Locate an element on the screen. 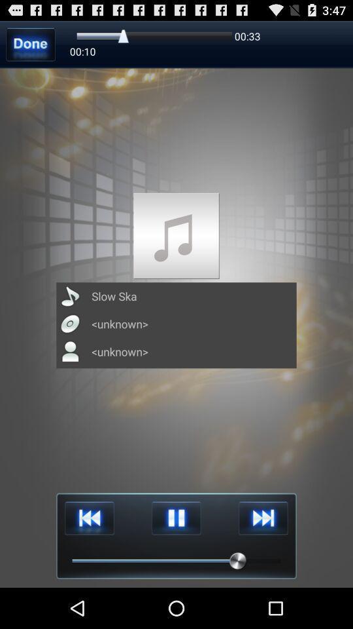  return to previous screen is located at coordinates (31, 44).